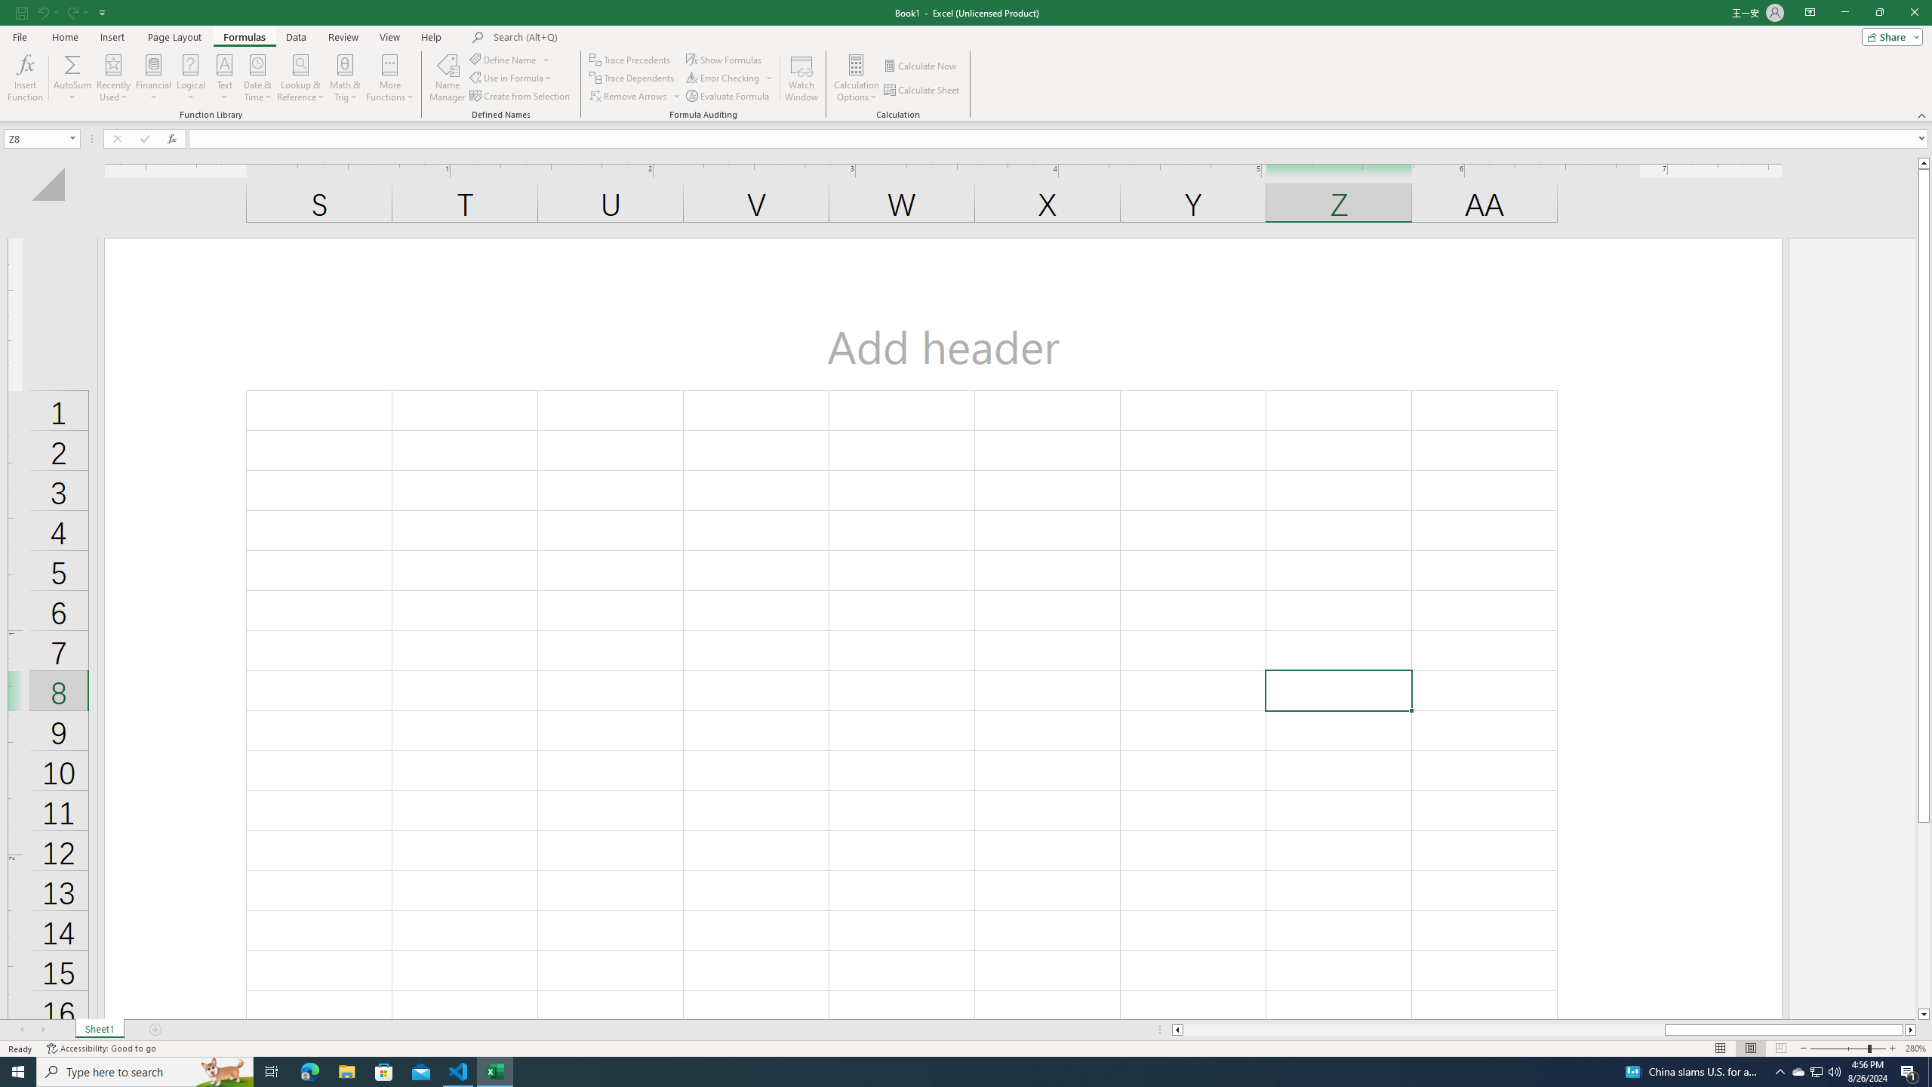 The height and width of the screenshot is (1087, 1932). Describe the element at coordinates (345, 78) in the screenshot. I see `'Math & Trig'` at that location.